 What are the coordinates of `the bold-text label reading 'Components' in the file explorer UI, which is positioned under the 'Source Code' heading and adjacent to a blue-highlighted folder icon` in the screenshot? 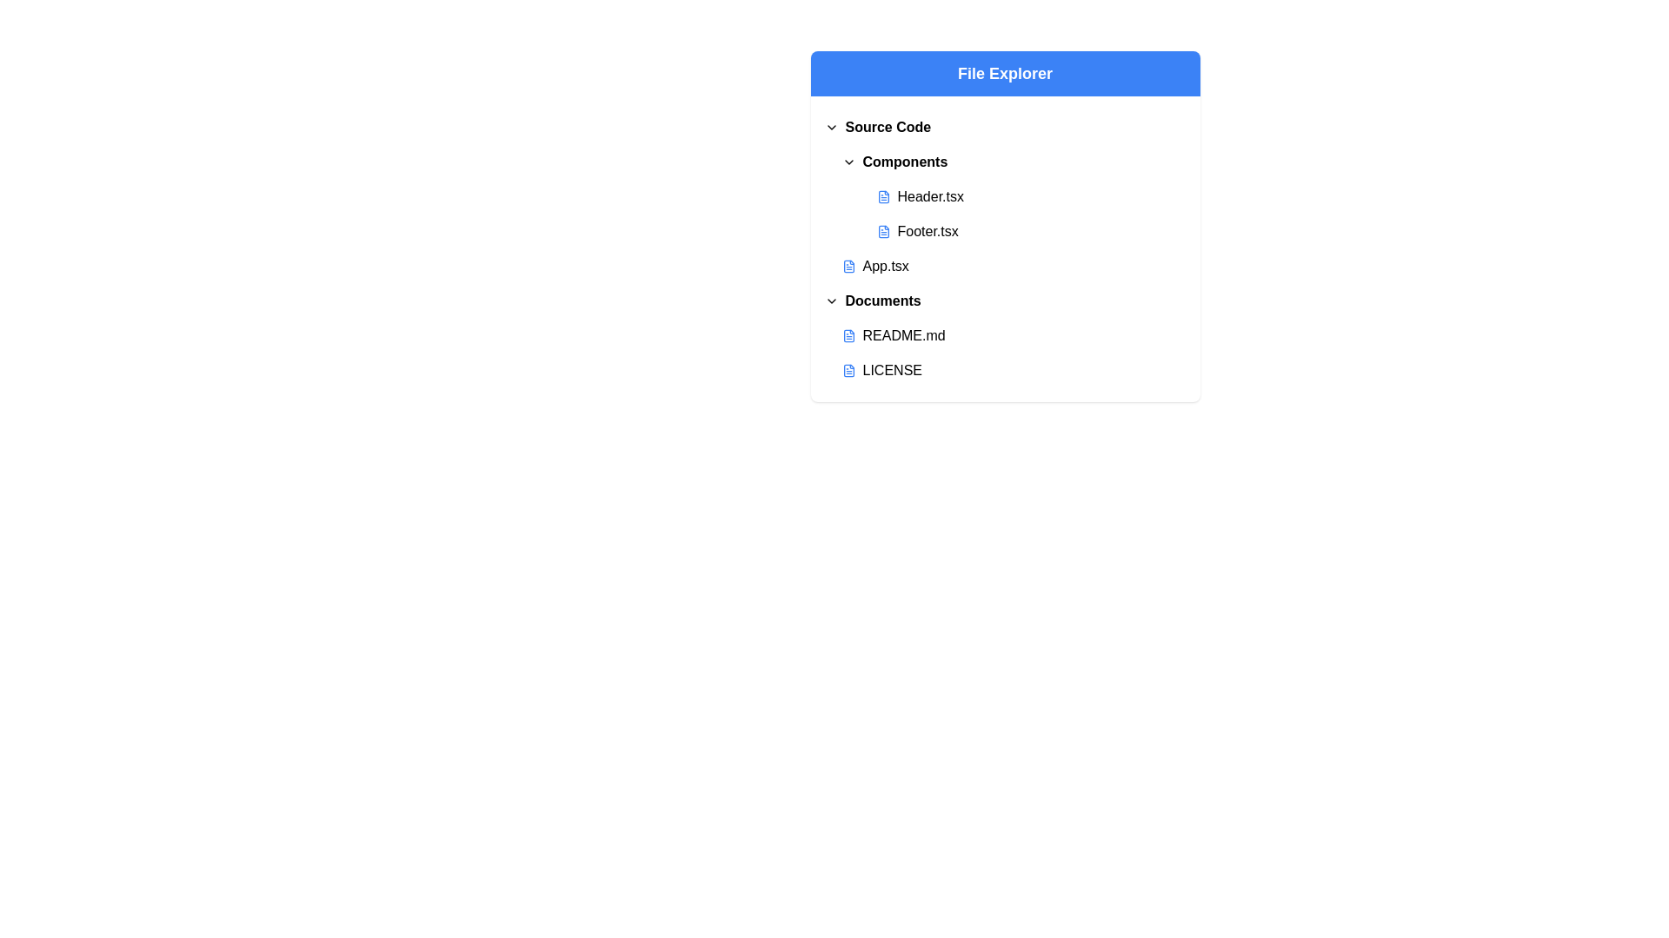 It's located at (904, 162).